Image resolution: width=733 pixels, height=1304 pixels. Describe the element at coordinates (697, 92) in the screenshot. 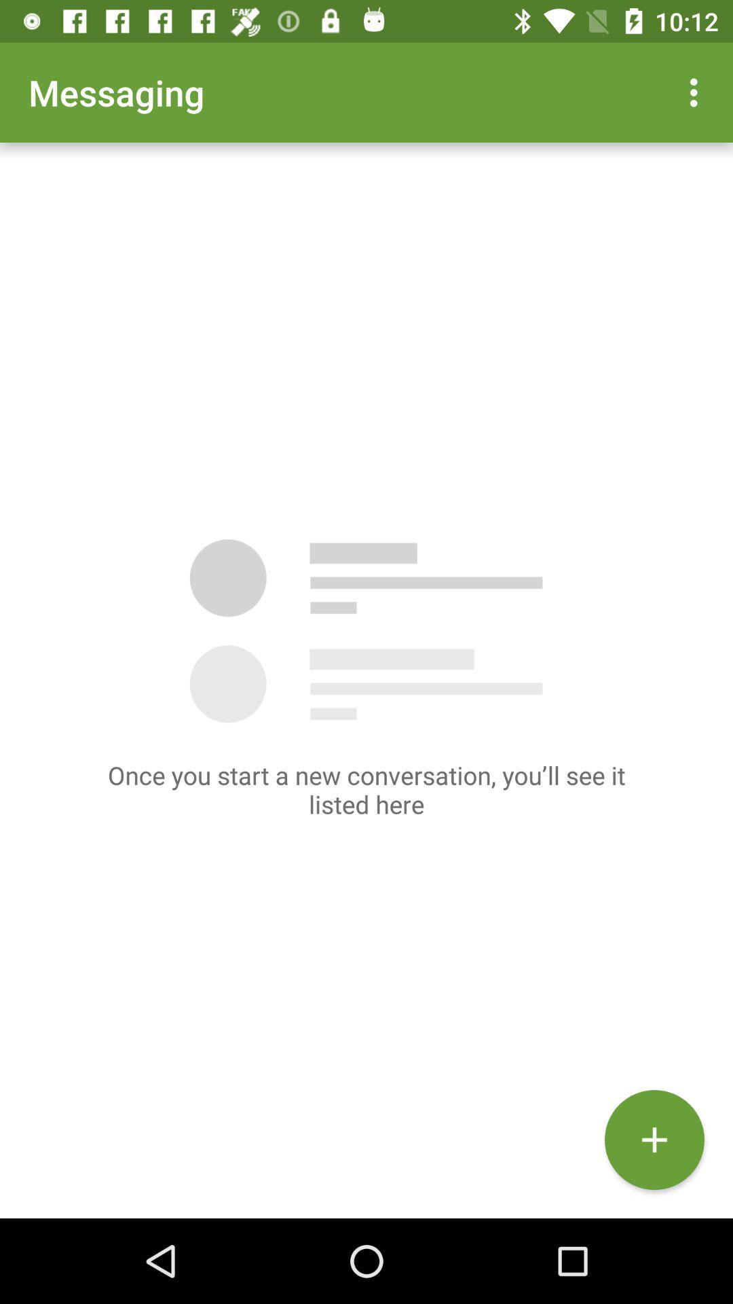

I see `the icon next to the messaging` at that location.